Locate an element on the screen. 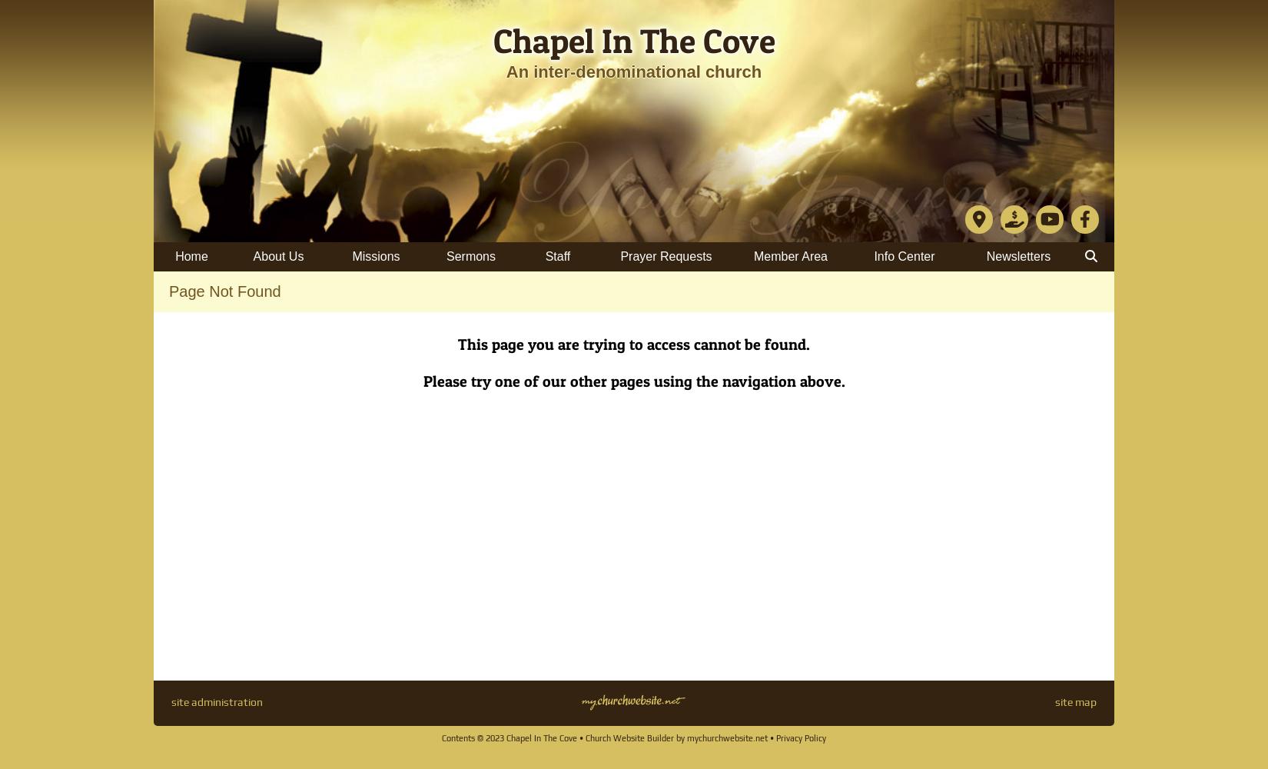  'Chapel In The Cove' is located at coordinates (492, 41).